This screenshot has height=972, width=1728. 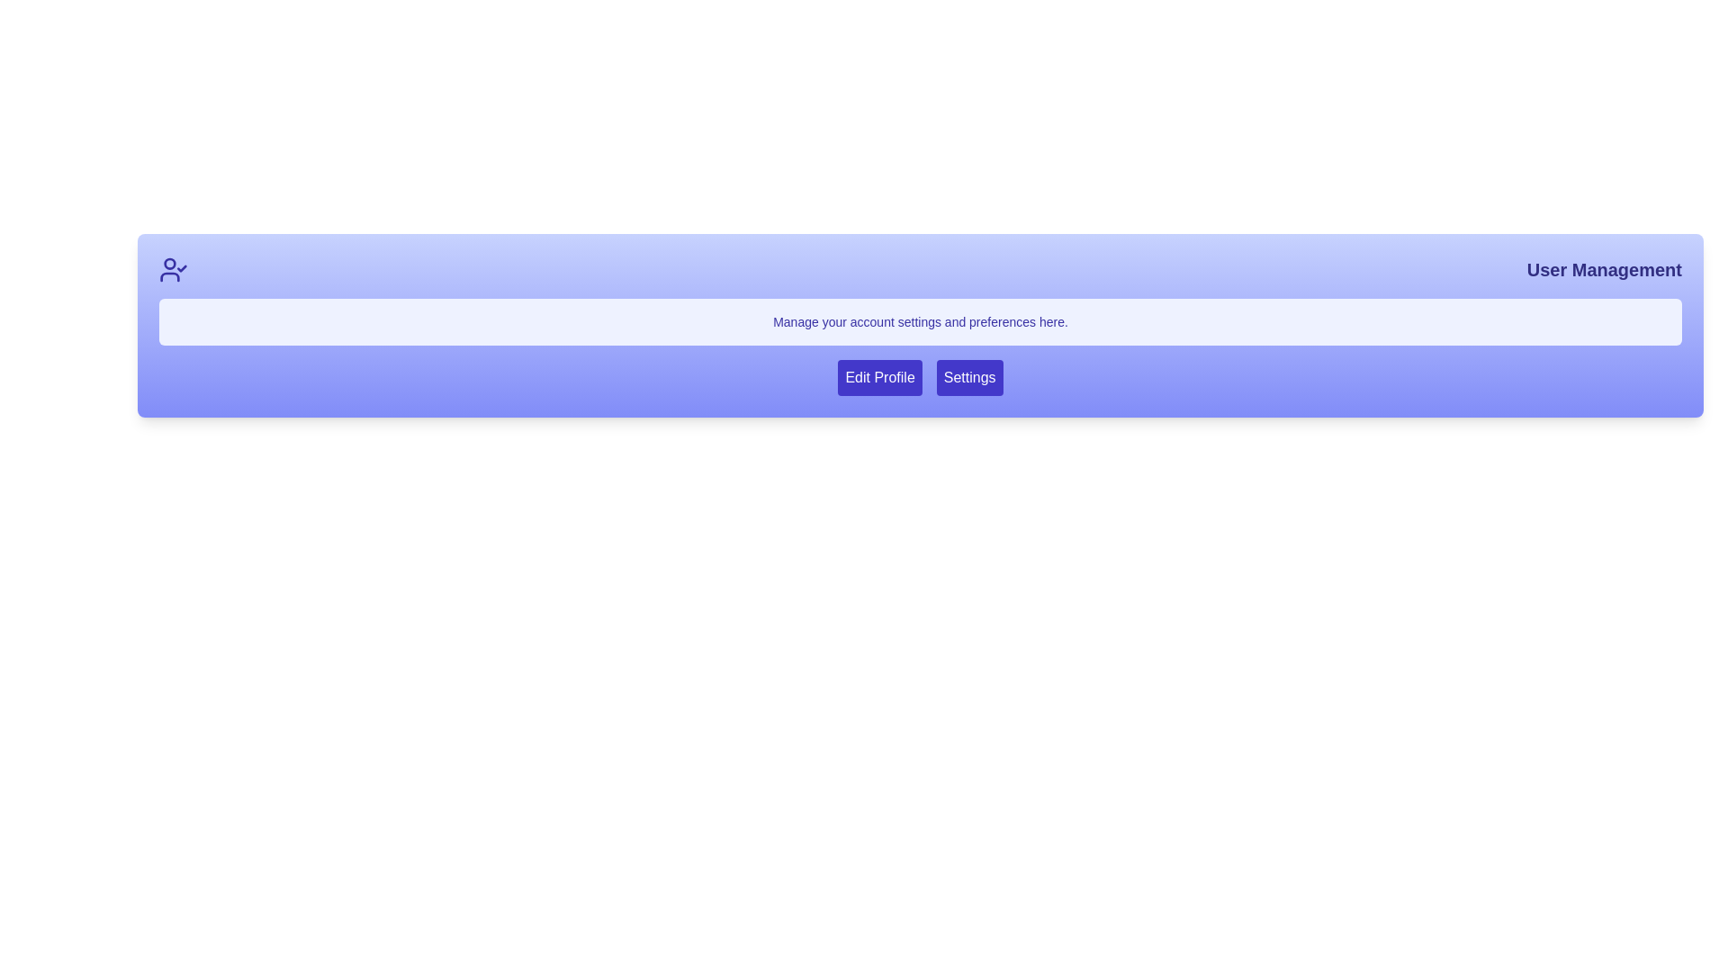 I want to click on the user silhouette icon with a check mark, which is indigo blue and located in the header bar labeled 'User Management', so click(x=173, y=270).